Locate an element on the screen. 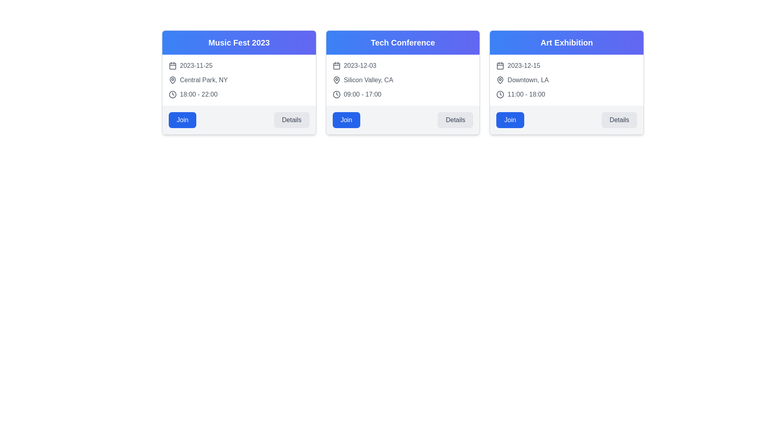 The width and height of the screenshot is (766, 431). the small, square icon with rounded corners located to the left of the date text '2023-12-15' in the 'Art Exhibition' event card's date display section is located at coordinates (500, 65).